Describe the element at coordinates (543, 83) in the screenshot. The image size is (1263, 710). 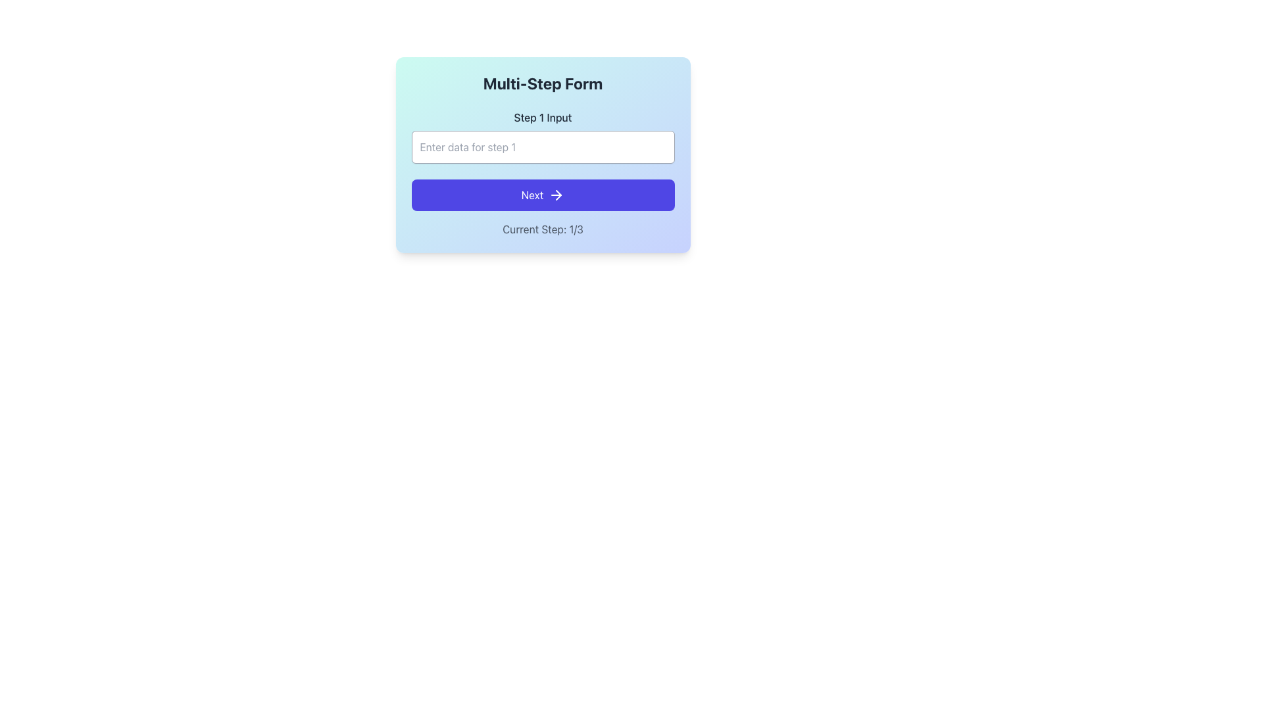
I see `the text label displaying 'Multi-Step Form' which is bold, centered, and located at the top of a section with a gradient background` at that location.